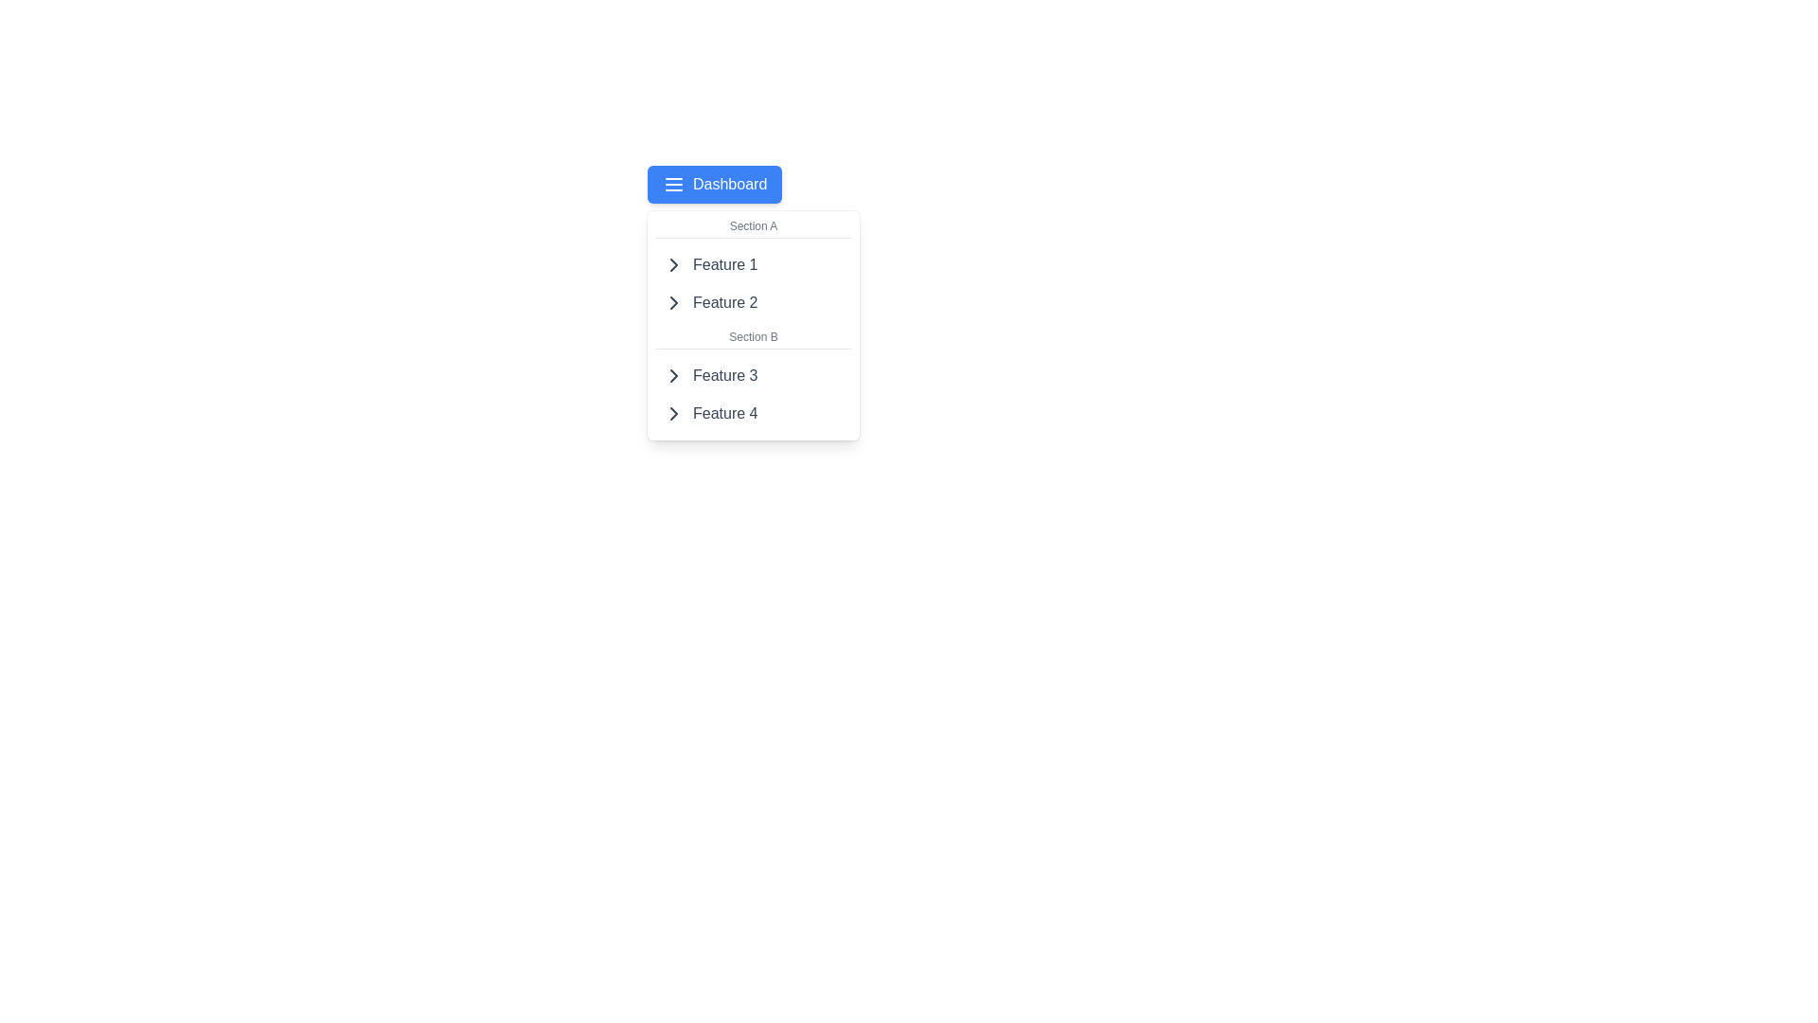 The image size is (1818, 1023). What do you see at coordinates (753, 349) in the screenshot?
I see `the second horizontal separator line within the dropdown menu, which visually separates 'Section B' and 'Feature 3'` at bounding box center [753, 349].